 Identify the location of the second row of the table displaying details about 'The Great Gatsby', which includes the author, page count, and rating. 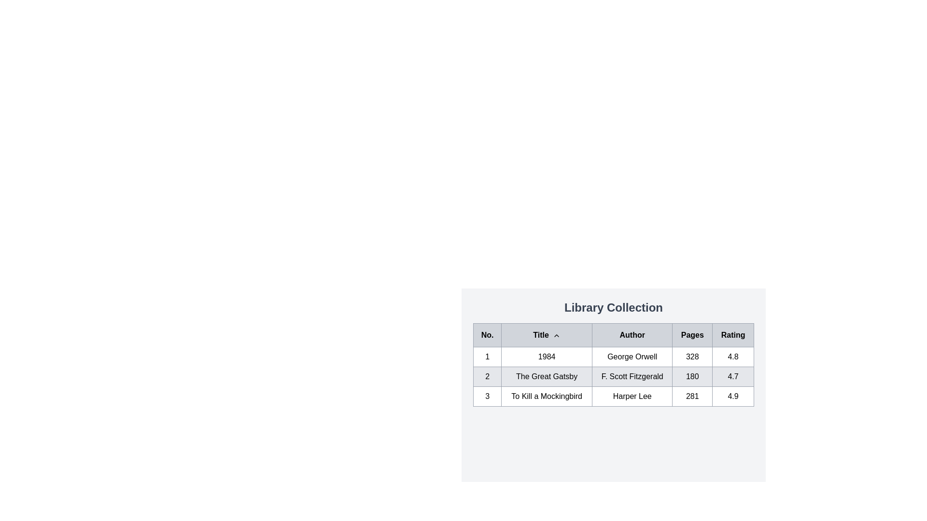
(613, 376).